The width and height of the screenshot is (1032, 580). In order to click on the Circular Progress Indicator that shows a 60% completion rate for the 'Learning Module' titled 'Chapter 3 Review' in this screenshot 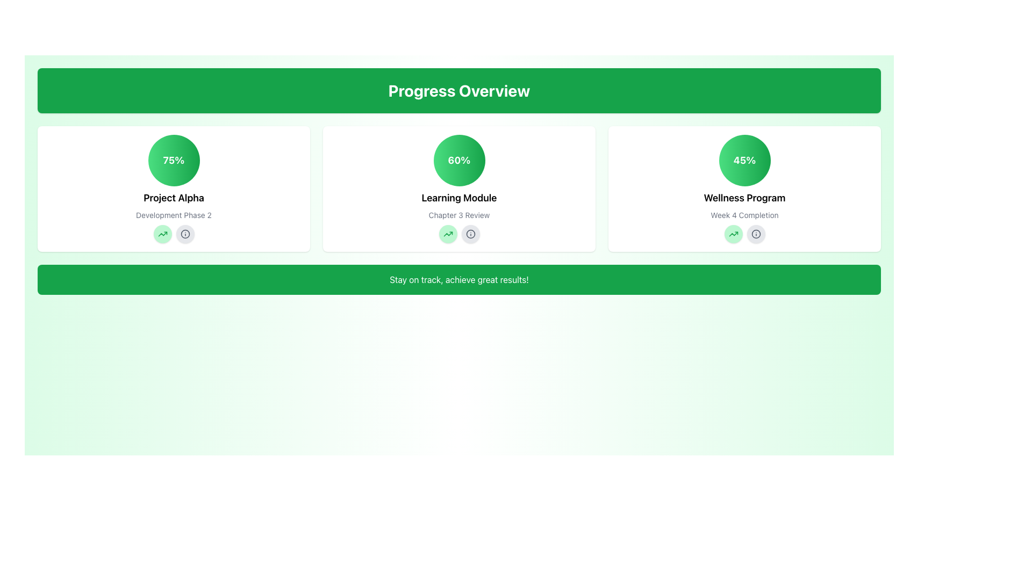, I will do `click(459, 161)`.